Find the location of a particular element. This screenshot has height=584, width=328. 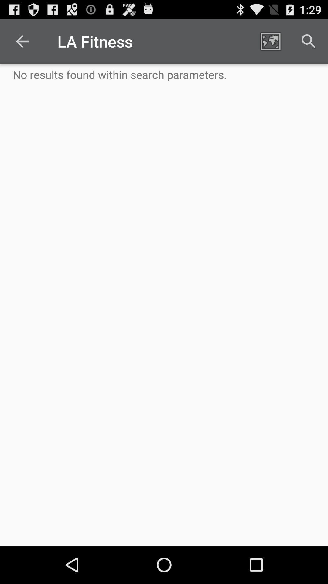

the item above no results found icon is located at coordinates (270, 41).